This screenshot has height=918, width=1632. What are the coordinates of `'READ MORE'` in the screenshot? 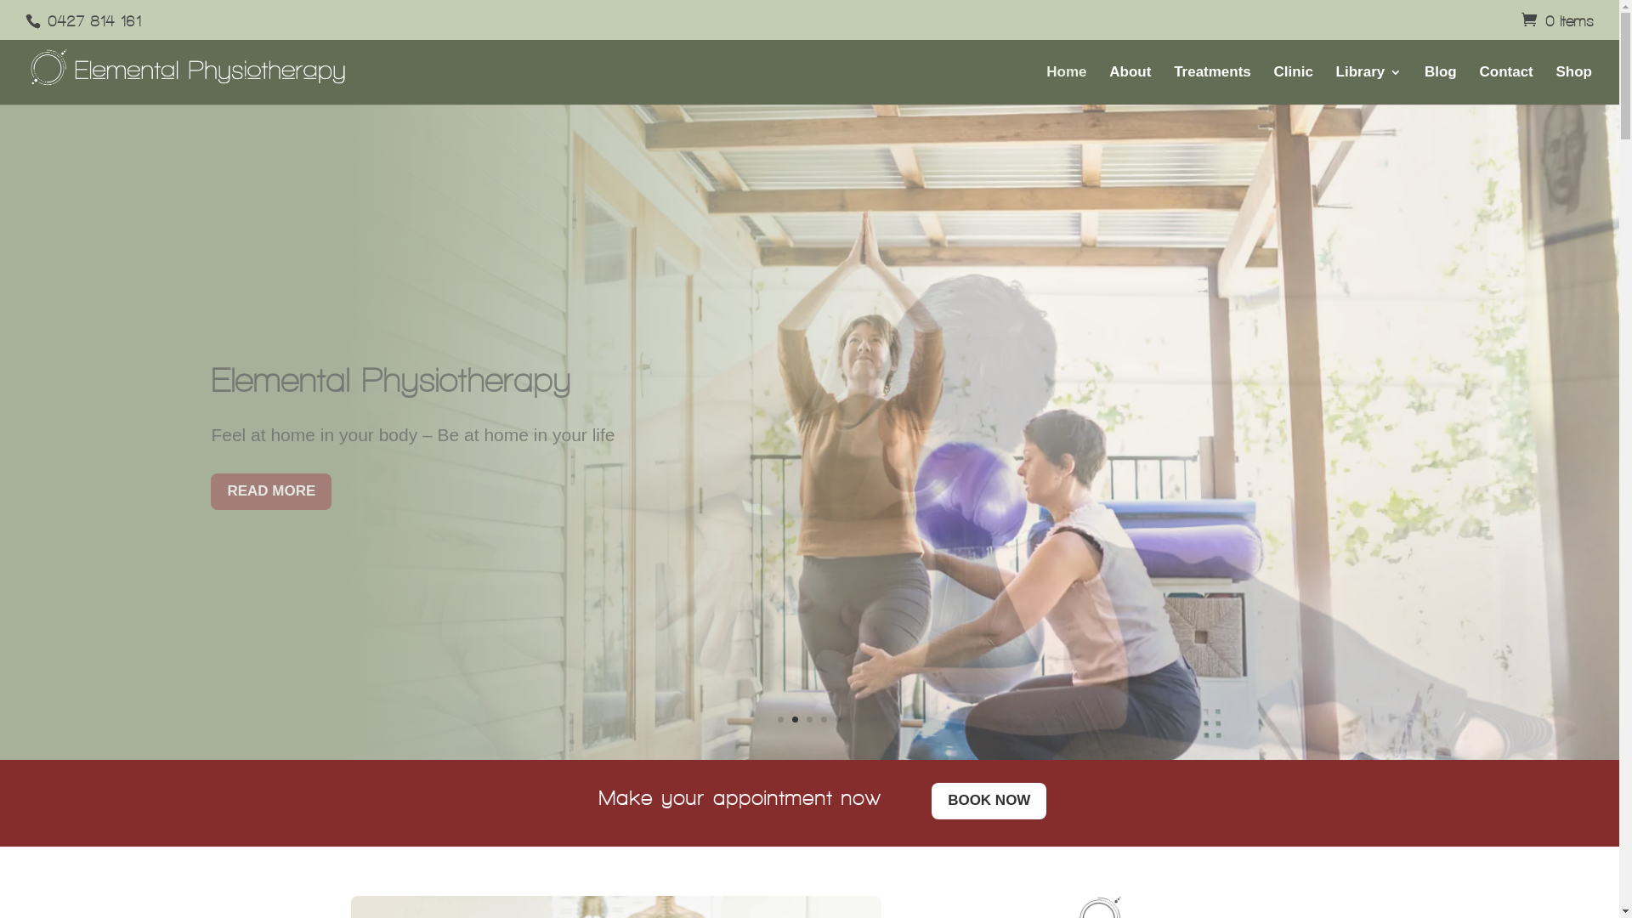 It's located at (210, 491).